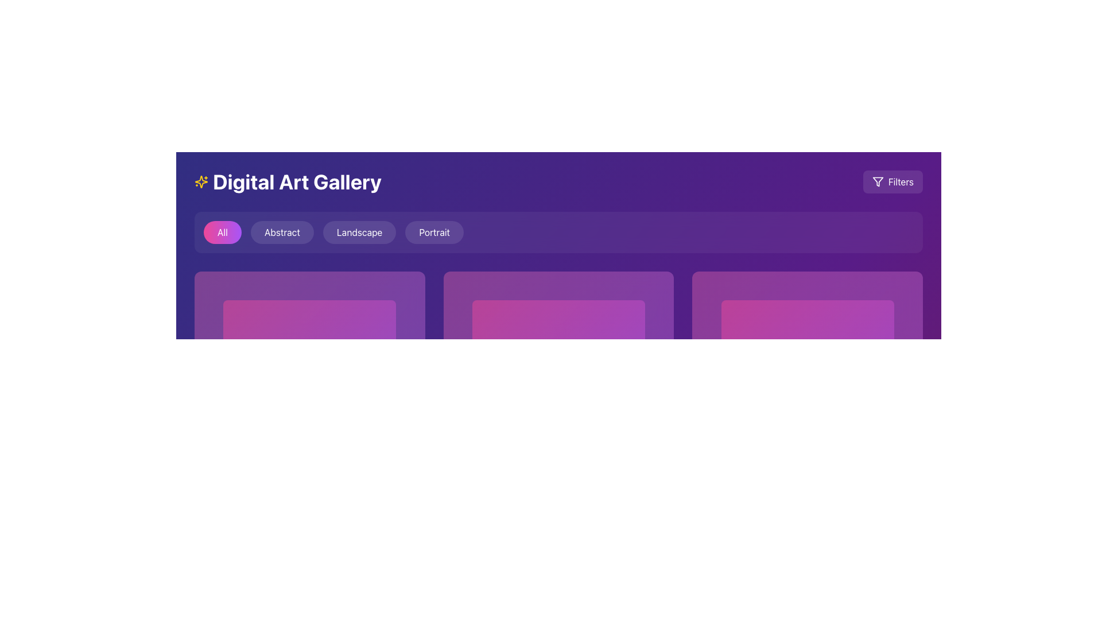 The height and width of the screenshot is (620, 1102). I want to click on the decorative rounded rectangle UI element with a gradient background transitioning from pink to purple, so click(807, 386).